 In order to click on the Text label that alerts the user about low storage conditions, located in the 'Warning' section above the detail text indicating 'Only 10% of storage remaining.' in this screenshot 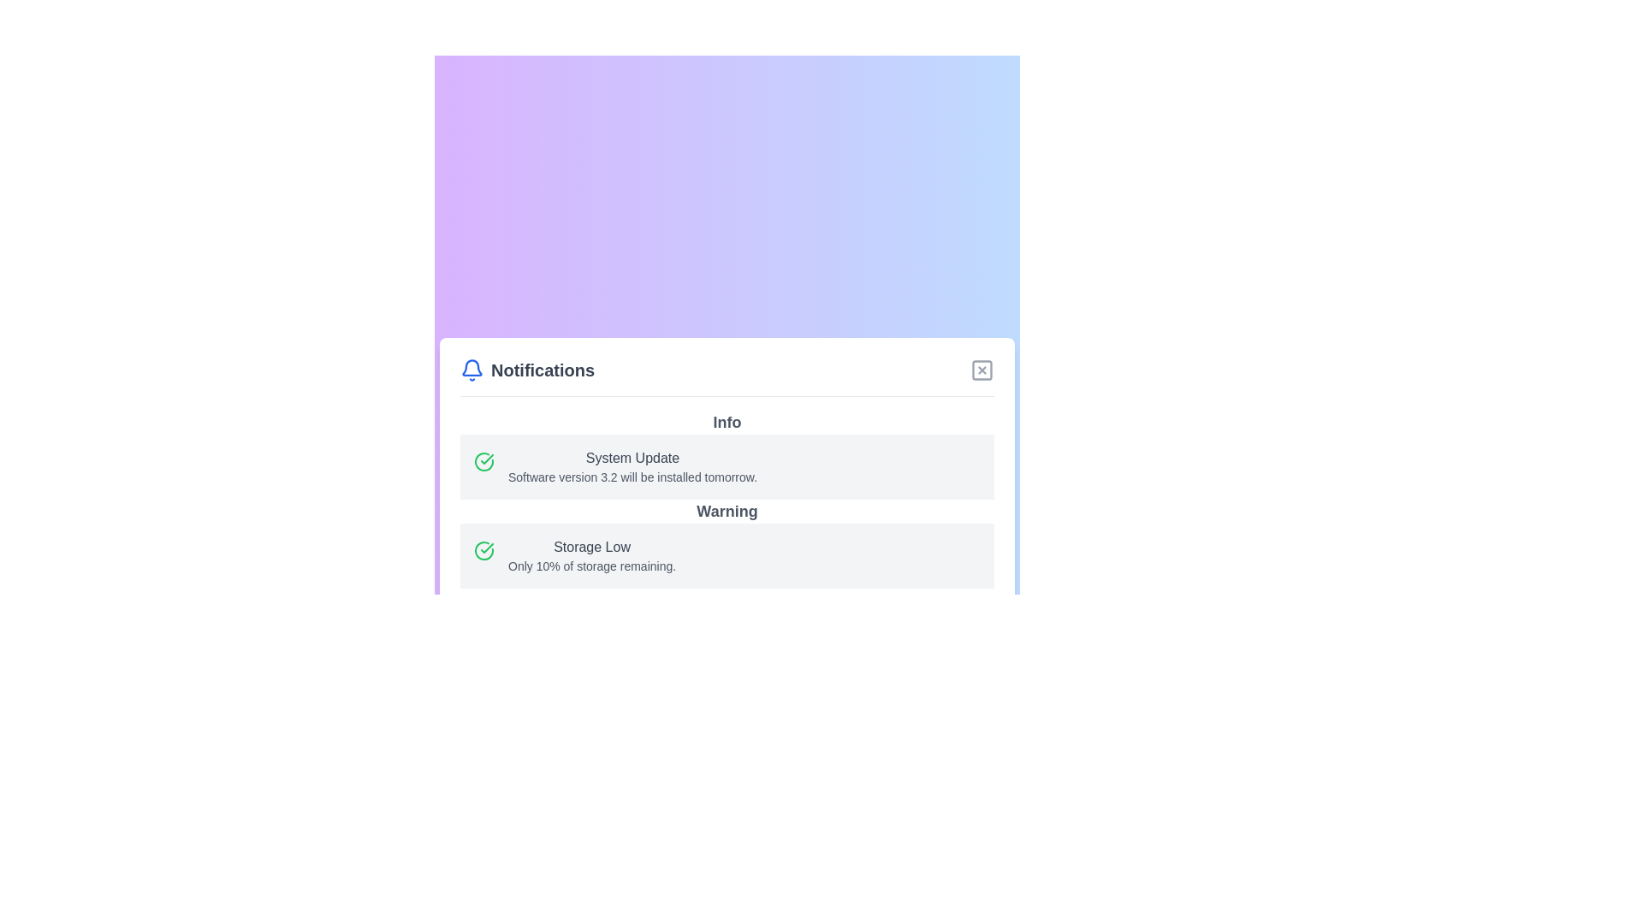, I will do `click(591, 547)`.